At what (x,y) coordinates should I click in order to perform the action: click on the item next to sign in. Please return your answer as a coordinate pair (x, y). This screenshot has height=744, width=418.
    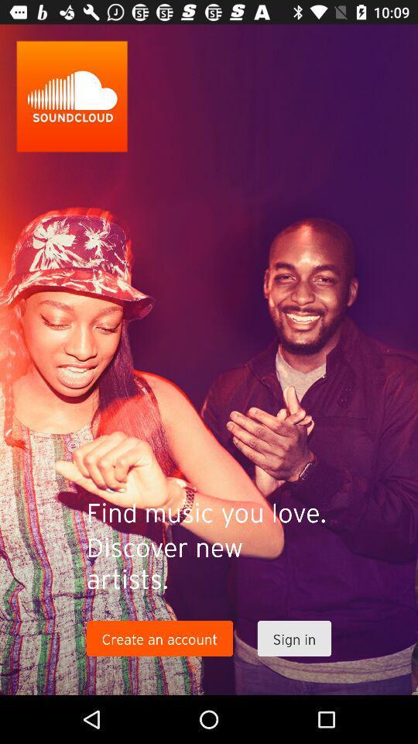
    Looking at the image, I should click on (159, 639).